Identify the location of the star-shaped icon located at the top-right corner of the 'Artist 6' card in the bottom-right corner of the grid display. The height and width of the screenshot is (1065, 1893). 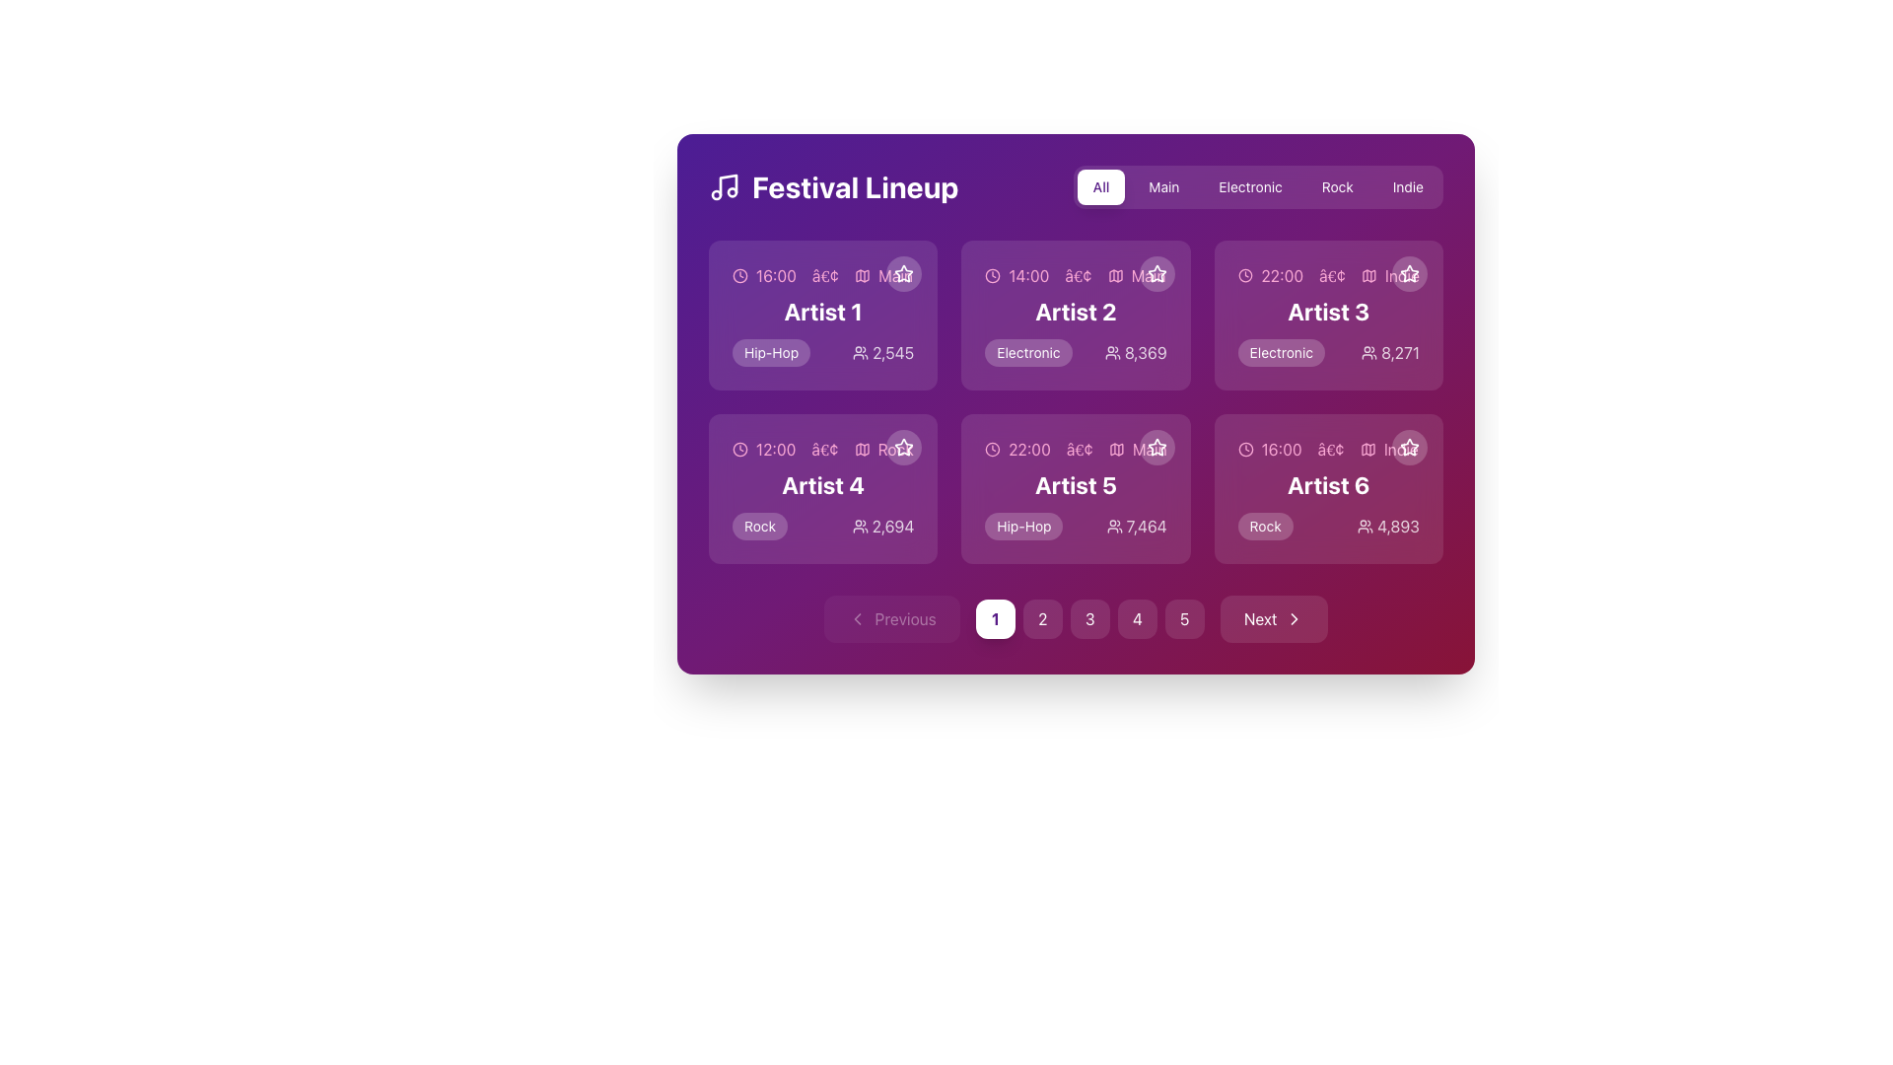
(1409, 448).